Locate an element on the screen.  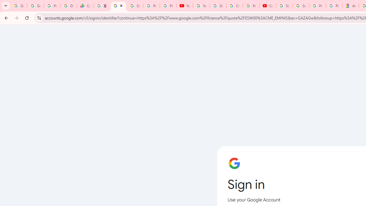
'Sign in - Google Accounts' is located at coordinates (301, 6).